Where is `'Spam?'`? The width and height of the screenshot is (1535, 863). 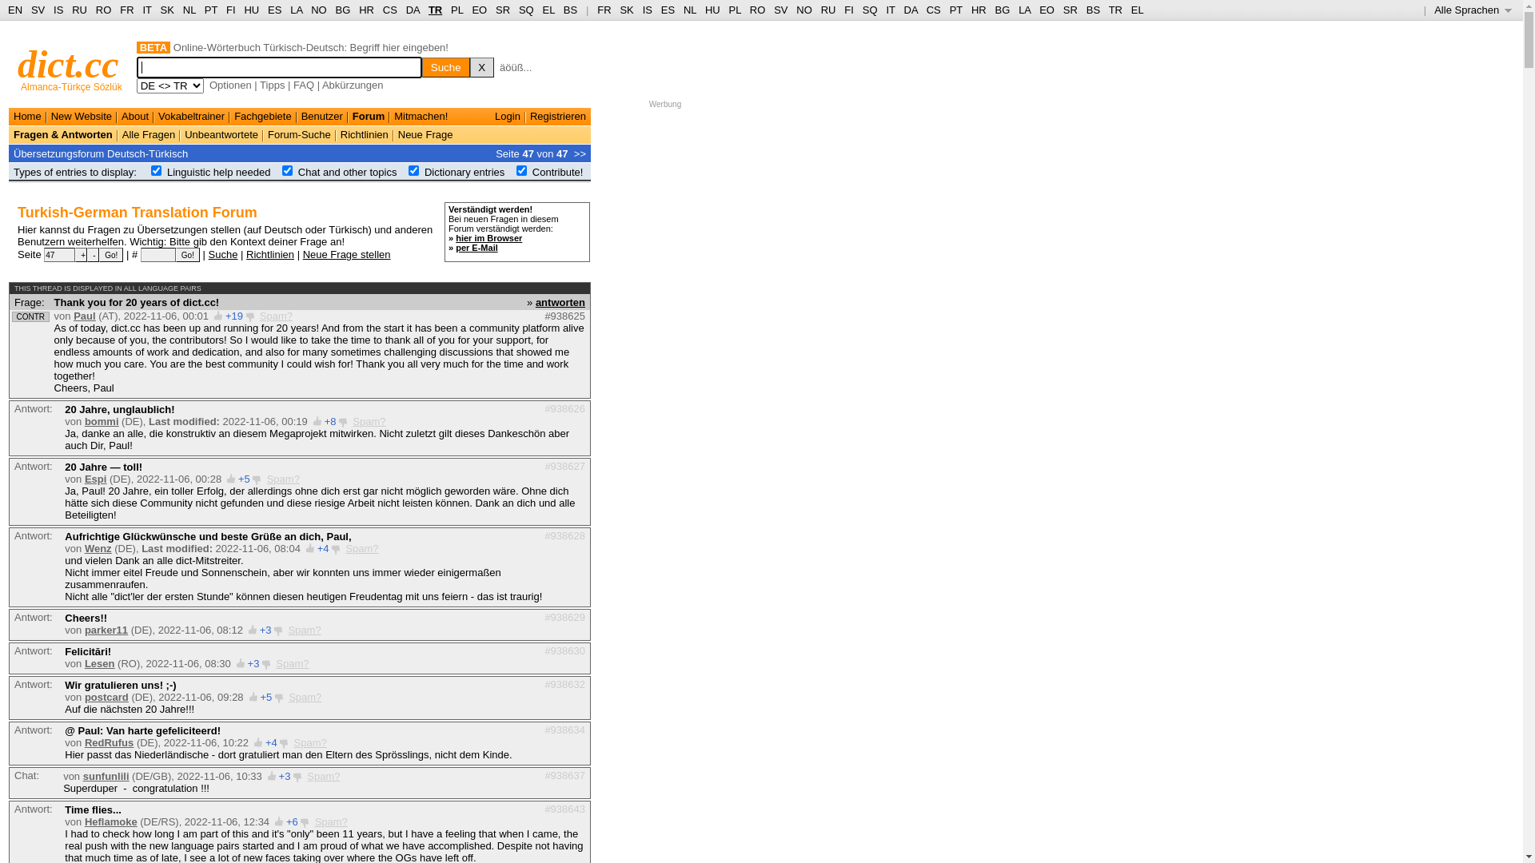
'Spam?' is located at coordinates (276, 316).